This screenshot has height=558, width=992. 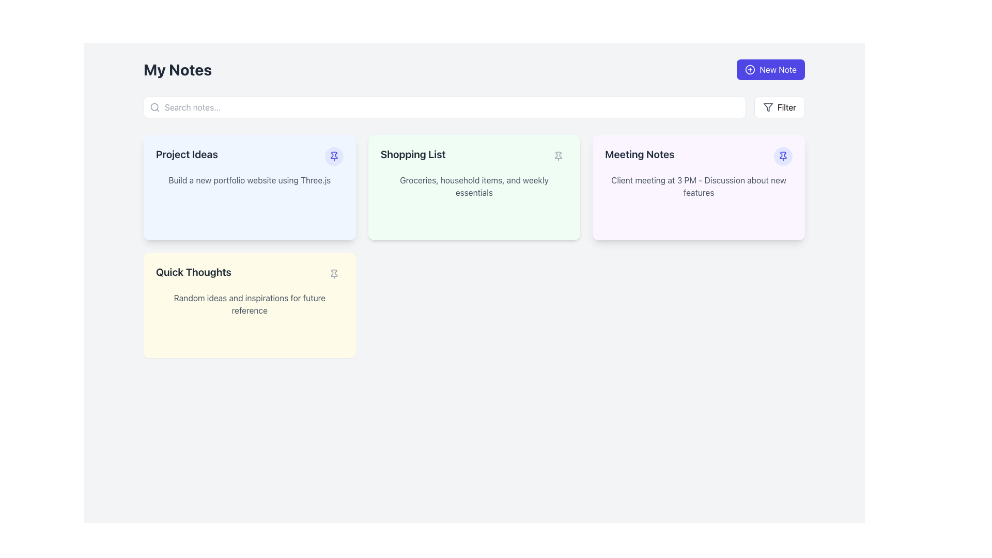 I want to click on the pinned icon located in the top-right corner of the 'Quick Thoughts' note card, so click(x=334, y=272).